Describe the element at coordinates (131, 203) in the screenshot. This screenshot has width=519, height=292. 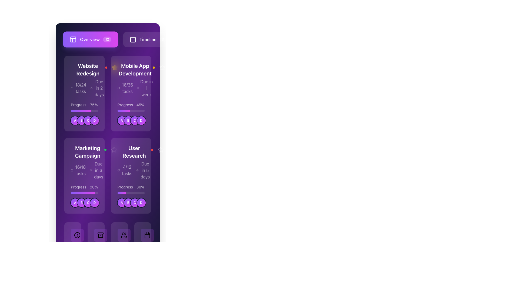
I see `the component group displaying participant initials located at the bottom section of the 'User Research' card beneath the progress bar` at that location.